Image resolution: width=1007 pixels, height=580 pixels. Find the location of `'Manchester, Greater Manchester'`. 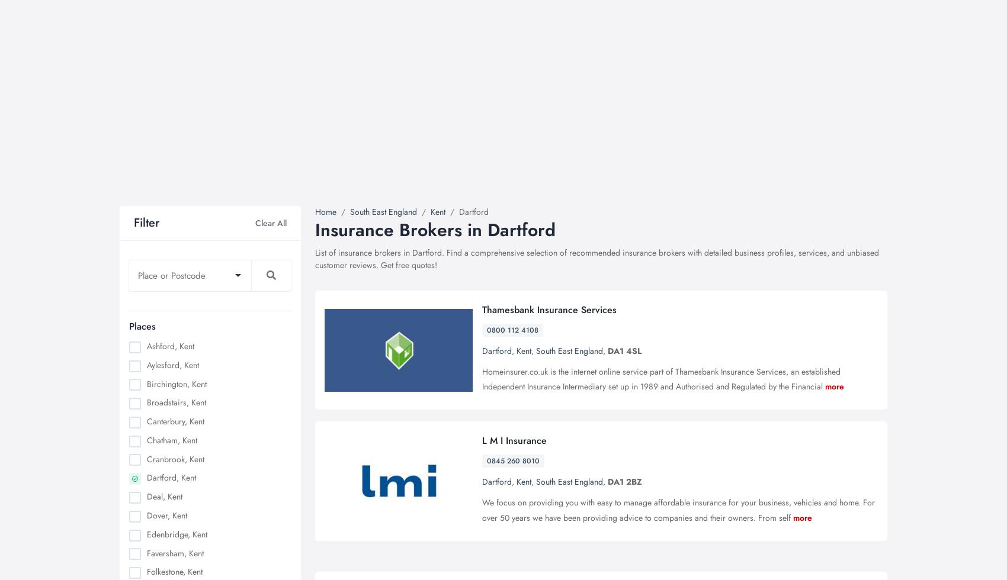

'Manchester, Greater Manchester' is located at coordinates (203, 360).